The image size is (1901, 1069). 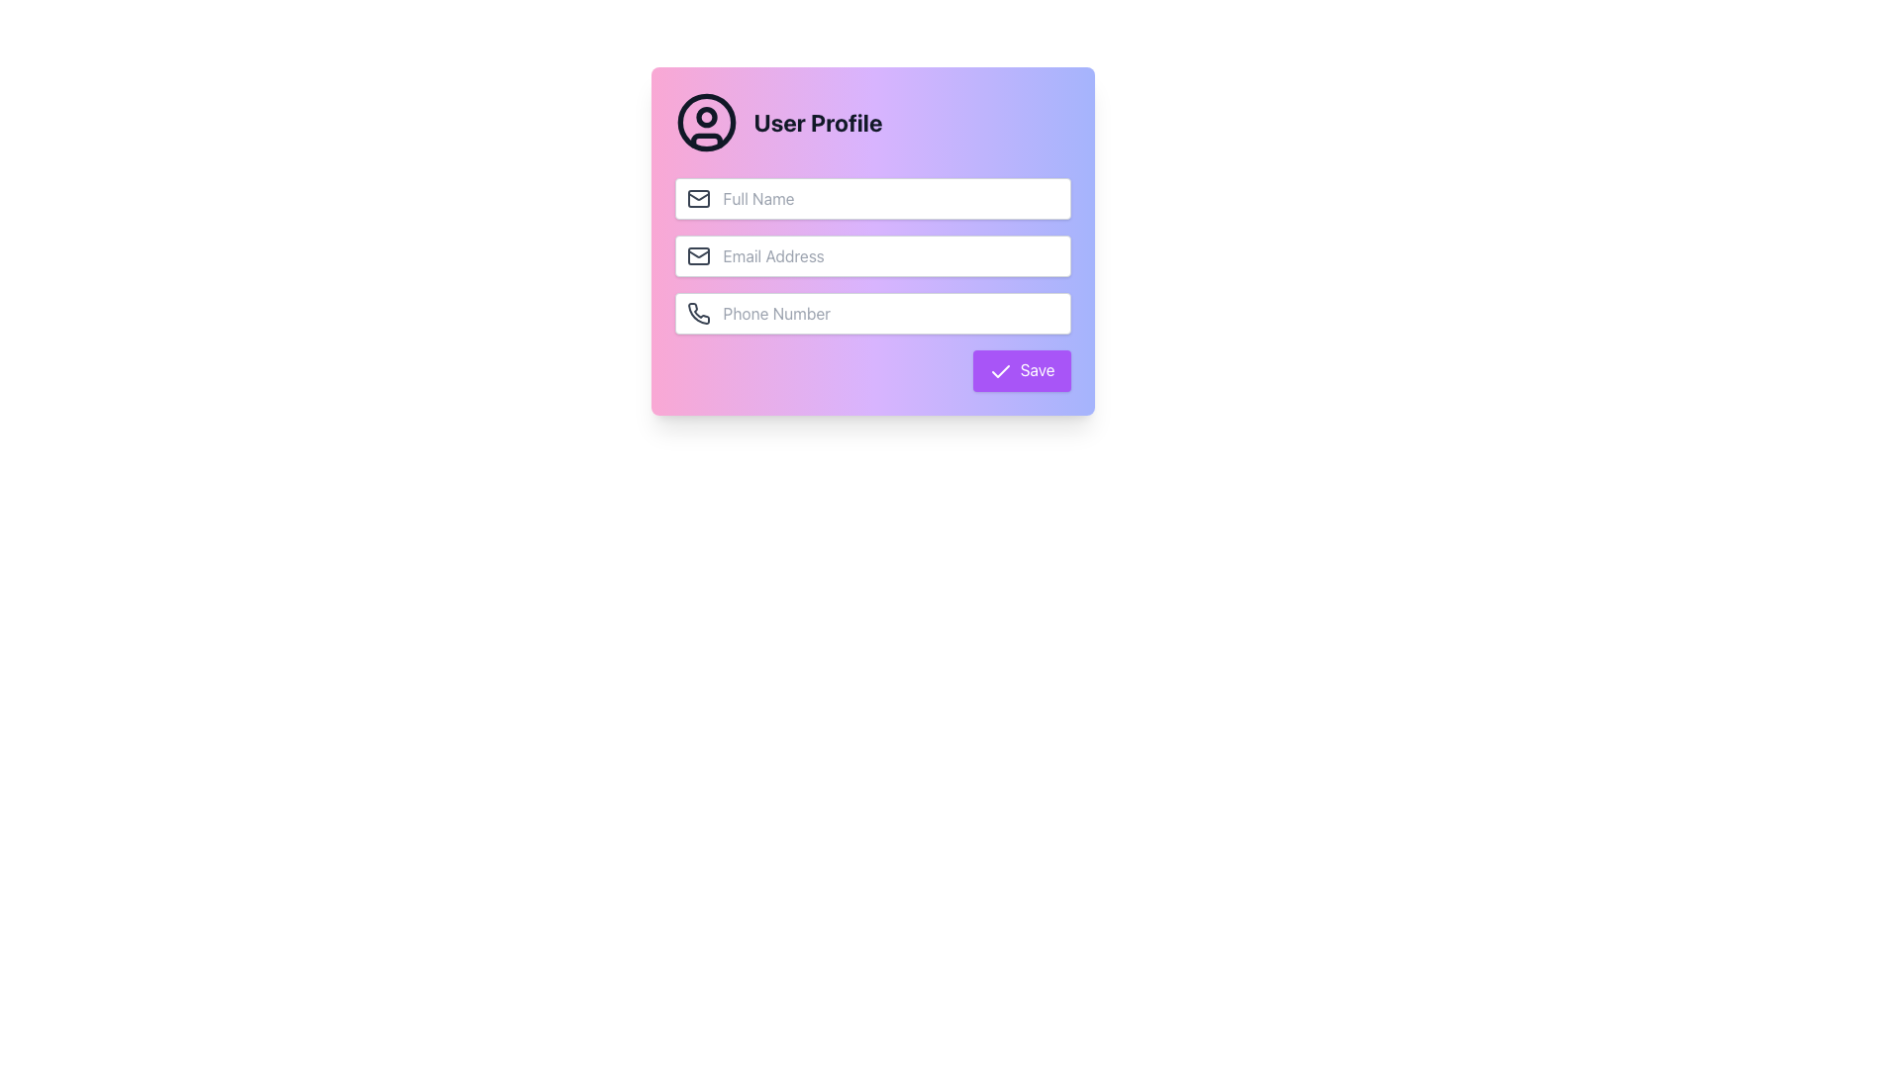 What do you see at coordinates (871, 240) in the screenshot?
I see `the email input field in the centered card with a pink-to-purple gradient background to focus on it` at bounding box center [871, 240].